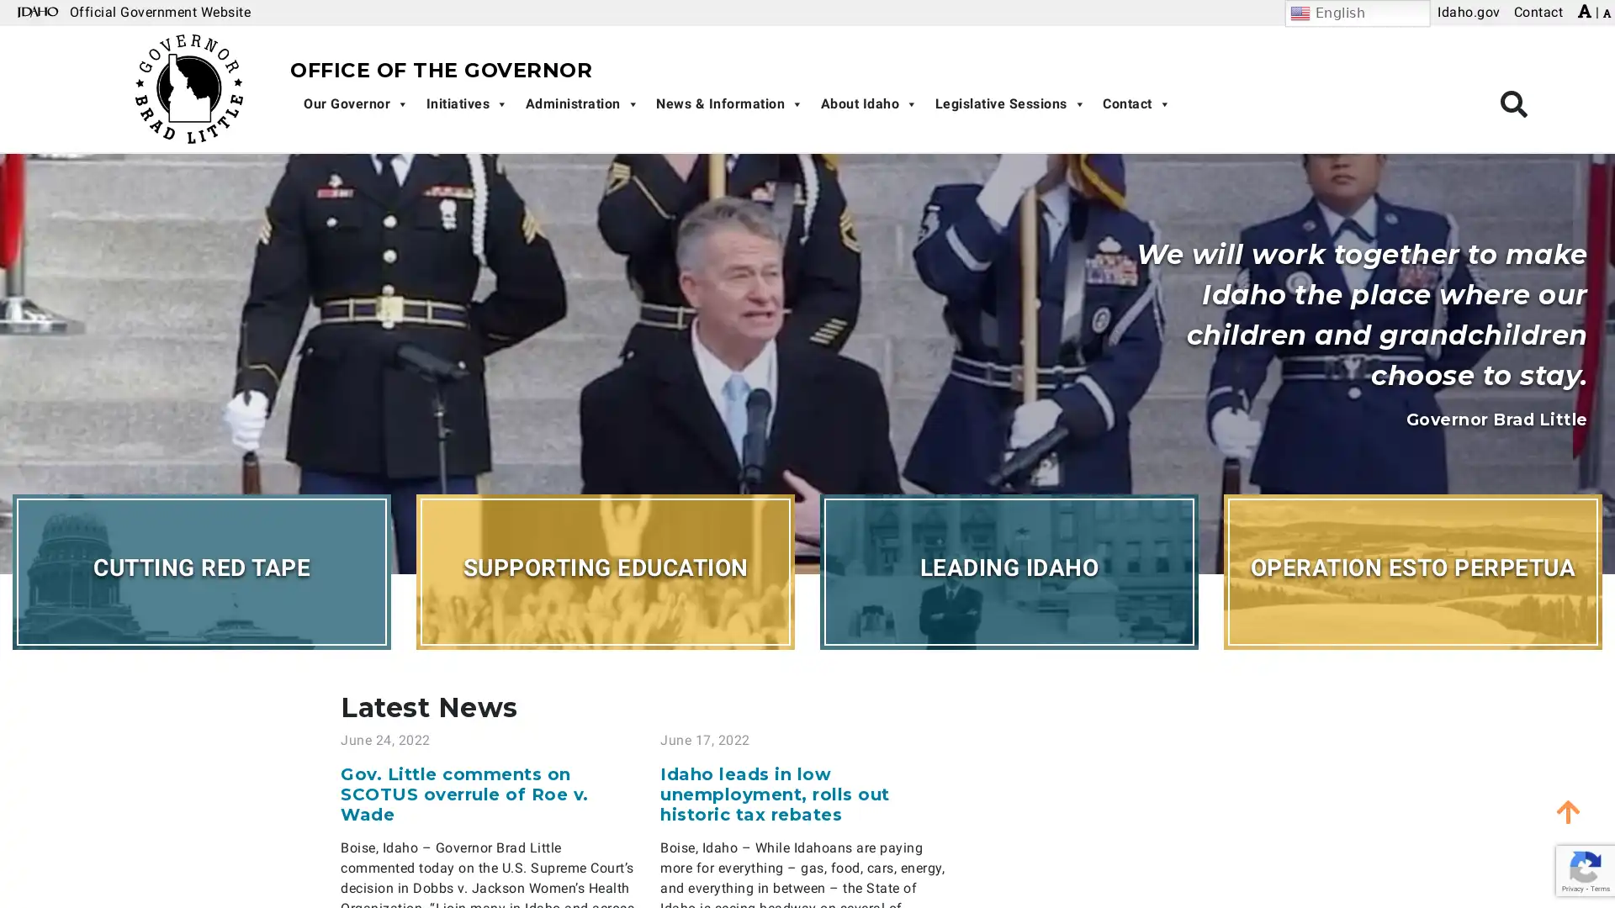 The height and width of the screenshot is (908, 1615). Describe the element at coordinates (1568, 810) in the screenshot. I see `Jump back to top of page button` at that location.